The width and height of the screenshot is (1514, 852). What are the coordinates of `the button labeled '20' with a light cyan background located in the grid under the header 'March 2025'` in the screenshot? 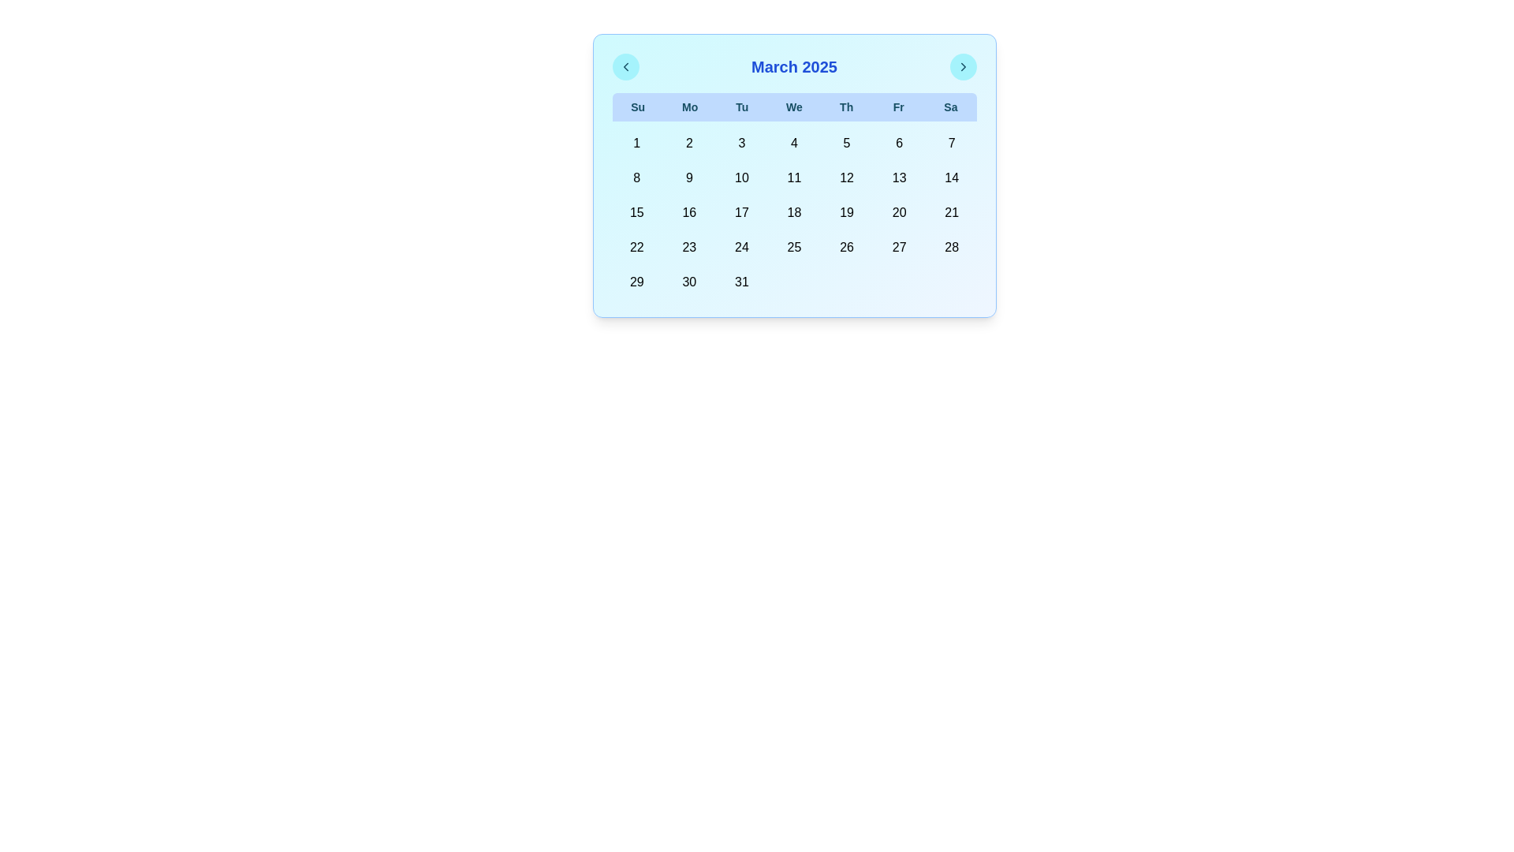 It's located at (899, 213).